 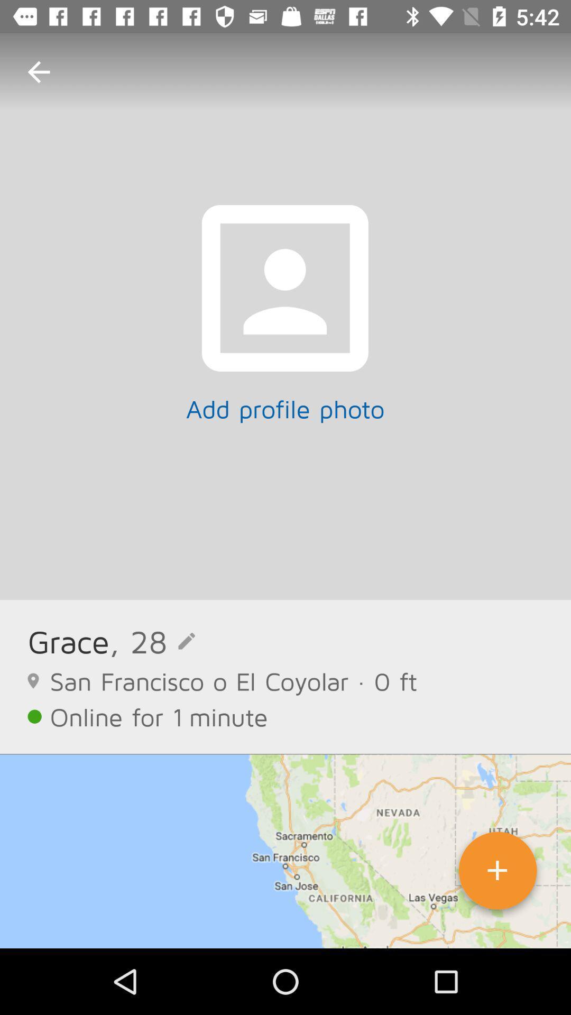 I want to click on the grace item, so click(x=68, y=641).